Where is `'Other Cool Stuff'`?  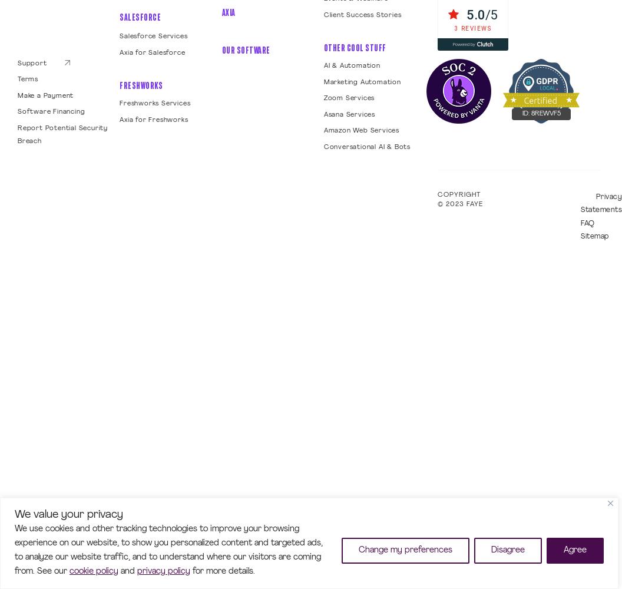 'Other Cool Stuff' is located at coordinates (354, 47).